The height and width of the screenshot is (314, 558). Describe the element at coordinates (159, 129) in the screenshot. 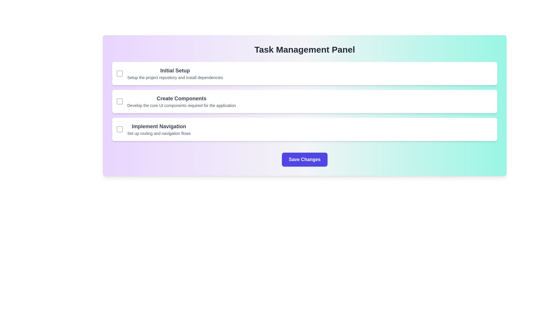

I see `the Text Display element that shows 'Implement Navigation' and 'Set up routing and navigation flows' within the third card of the Task Management Panel` at that location.